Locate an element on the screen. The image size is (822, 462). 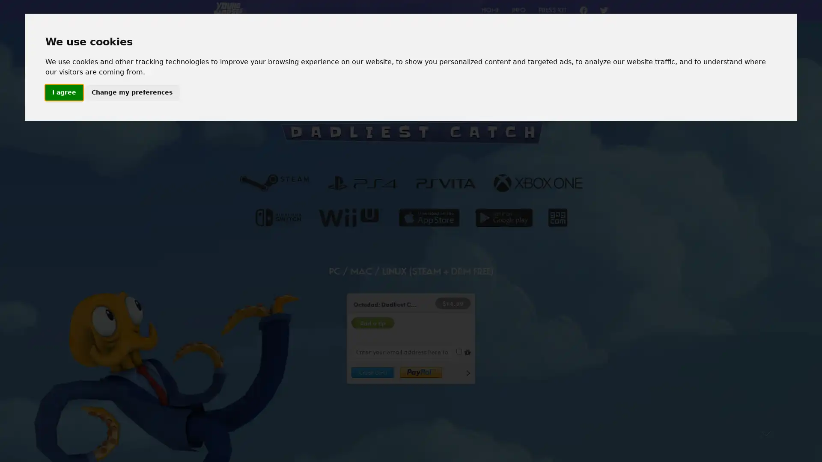
I agree is located at coordinates (63, 92).